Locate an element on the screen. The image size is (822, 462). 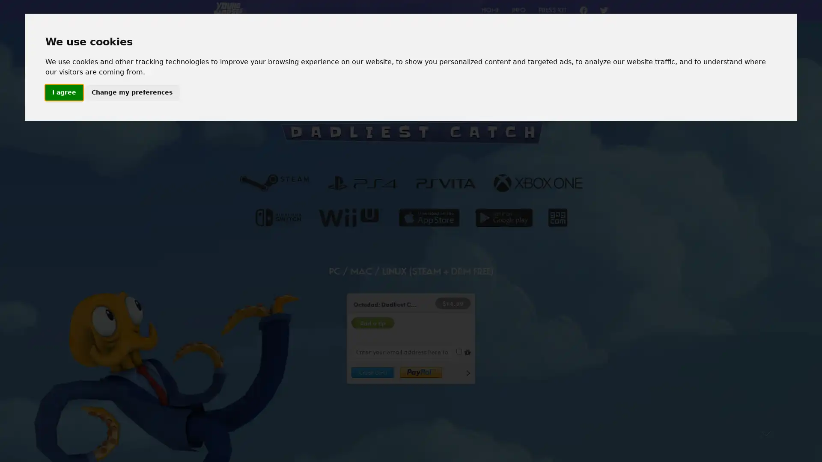
I agree is located at coordinates (63, 92).